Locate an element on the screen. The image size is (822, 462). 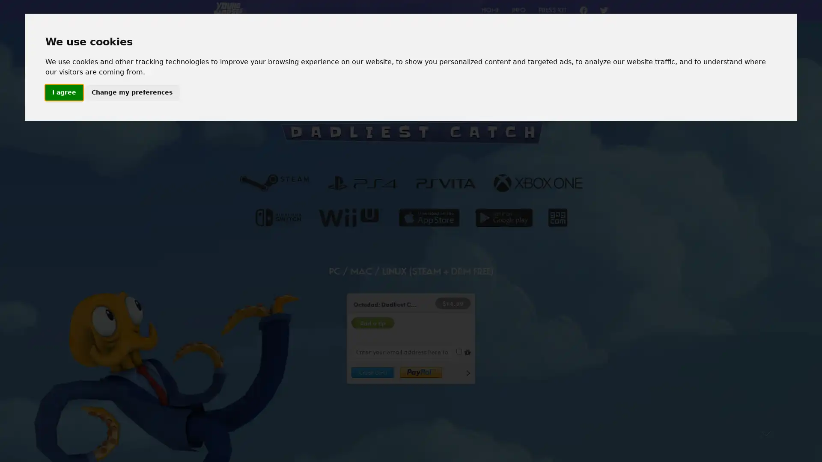
I agree is located at coordinates (63, 92).